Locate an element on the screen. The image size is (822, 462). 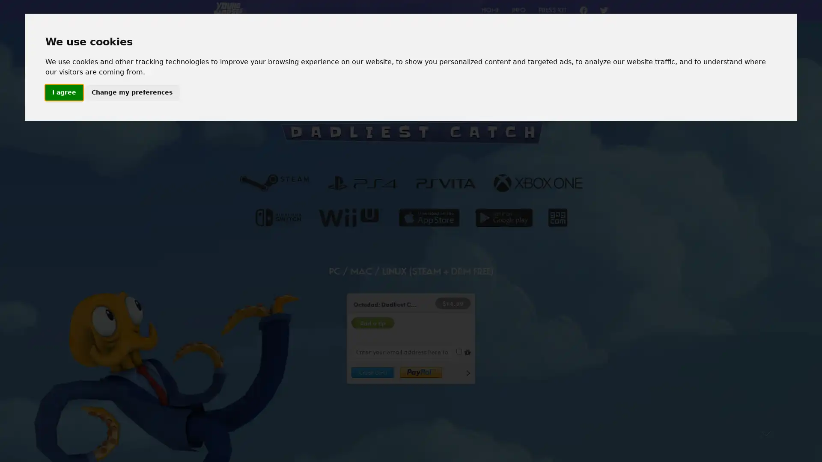
I agree is located at coordinates (63, 92).